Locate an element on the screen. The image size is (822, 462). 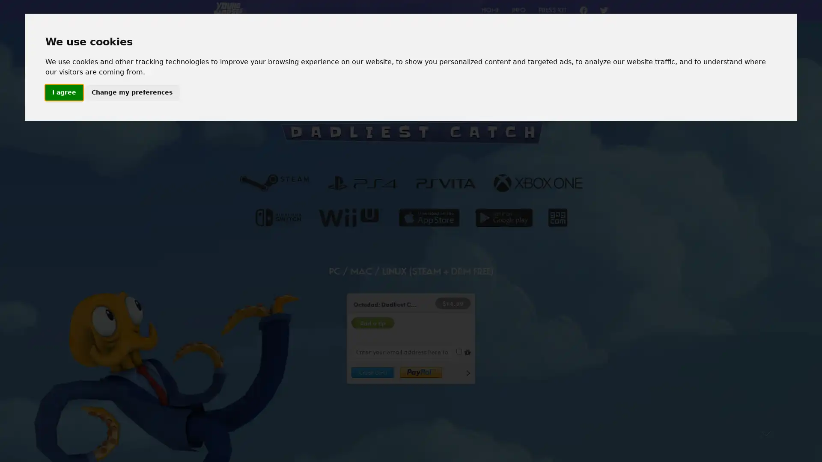
I agree is located at coordinates (63, 92).